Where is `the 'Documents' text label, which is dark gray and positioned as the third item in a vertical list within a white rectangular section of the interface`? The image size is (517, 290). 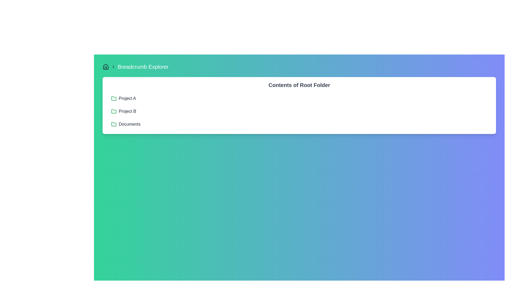
the 'Documents' text label, which is dark gray and positioned as the third item in a vertical list within a white rectangular section of the interface is located at coordinates (130, 124).